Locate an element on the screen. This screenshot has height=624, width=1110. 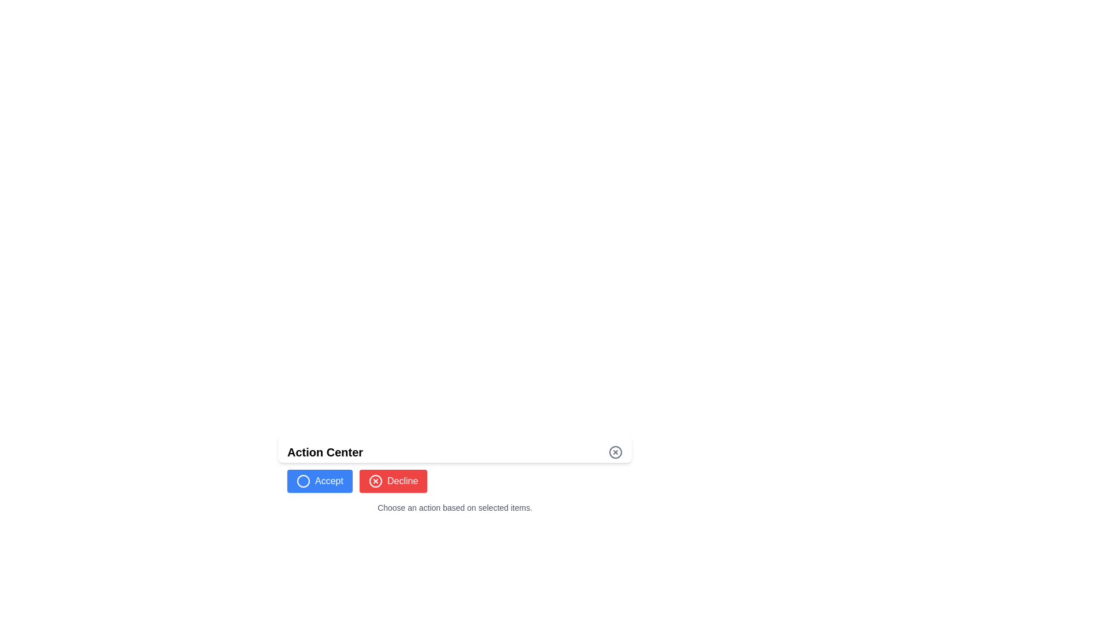
the 'Accept' button, which has a blue background, white text, and is located in the lower section of the interface to observe the hover effect is located at coordinates (320, 481).